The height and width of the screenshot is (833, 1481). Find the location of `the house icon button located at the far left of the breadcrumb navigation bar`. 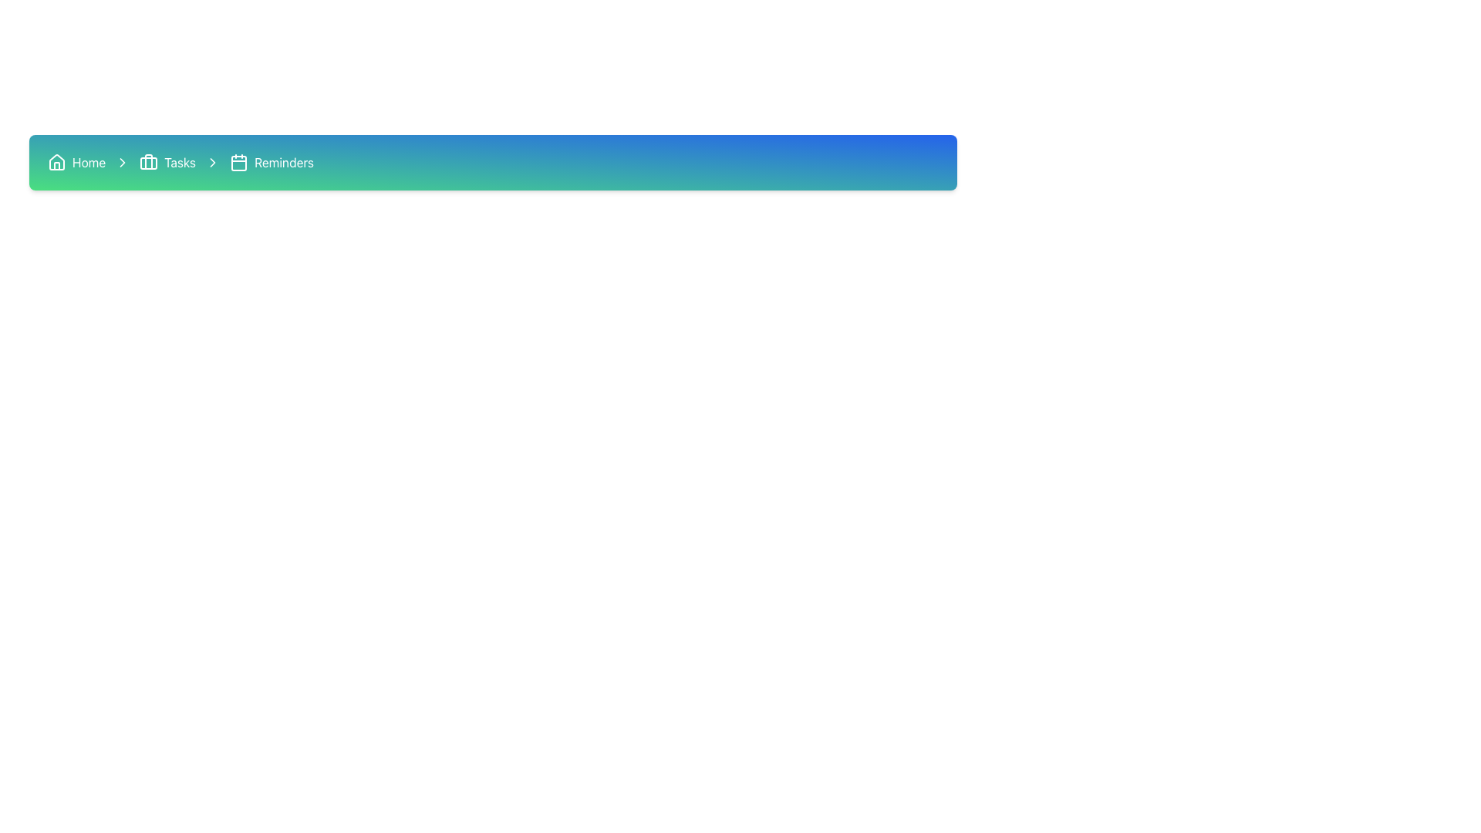

the house icon button located at the far left of the breadcrumb navigation bar is located at coordinates (56, 161).